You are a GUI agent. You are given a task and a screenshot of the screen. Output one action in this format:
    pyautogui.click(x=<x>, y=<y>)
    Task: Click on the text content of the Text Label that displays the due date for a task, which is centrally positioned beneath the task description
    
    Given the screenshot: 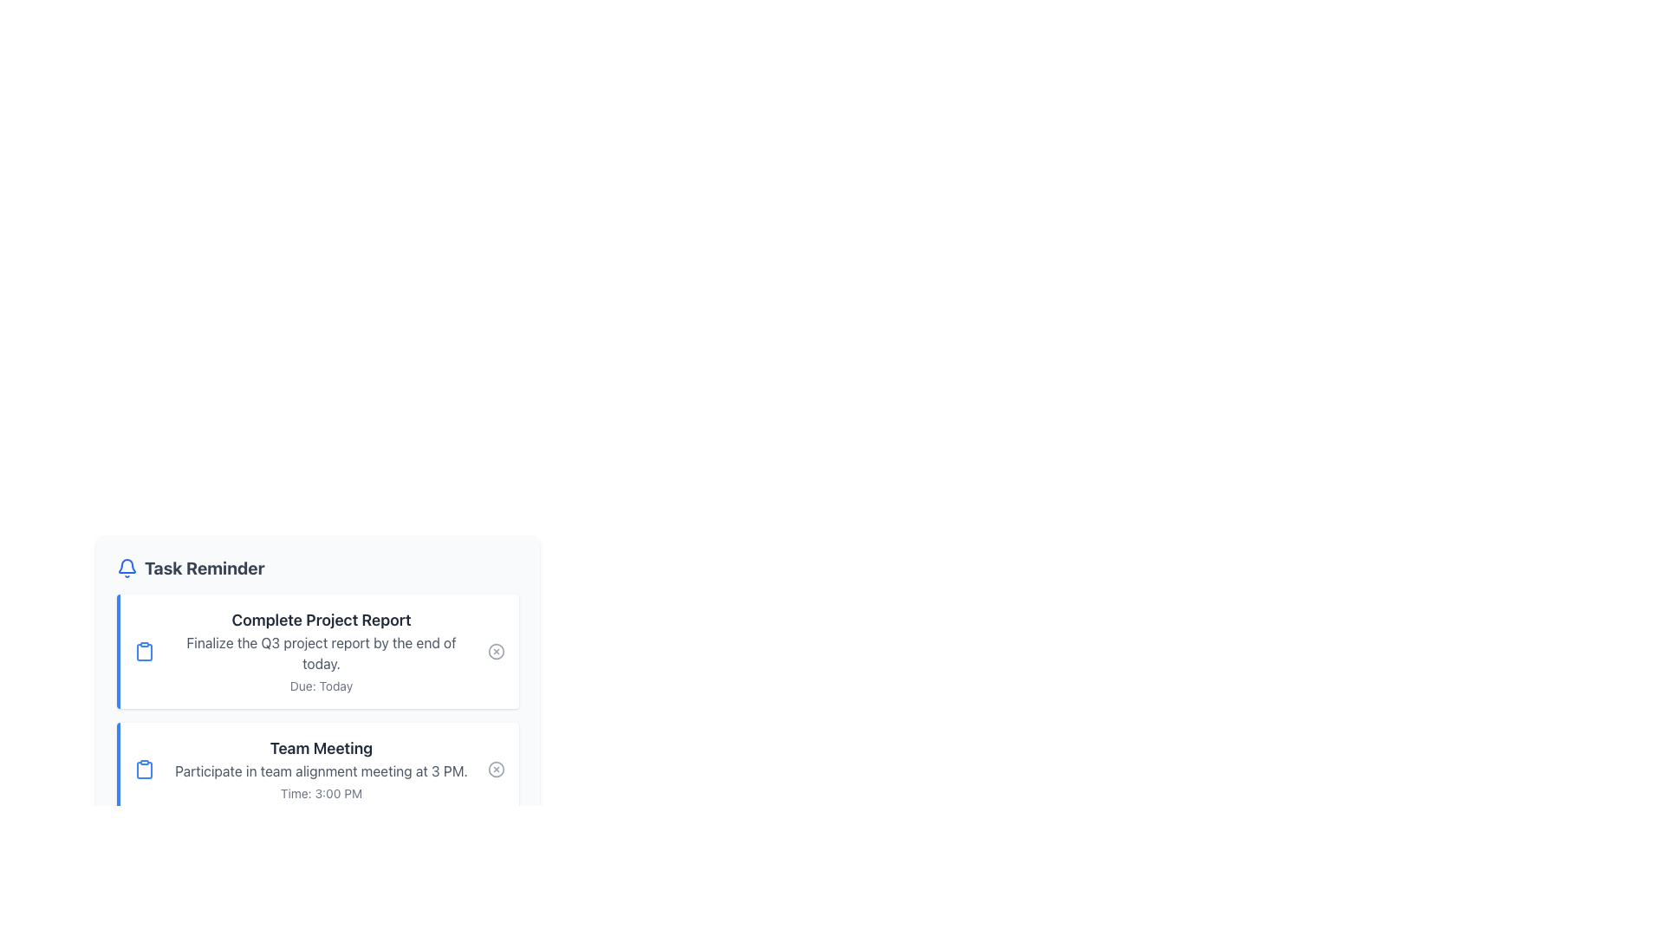 What is the action you would take?
    pyautogui.click(x=321, y=685)
    